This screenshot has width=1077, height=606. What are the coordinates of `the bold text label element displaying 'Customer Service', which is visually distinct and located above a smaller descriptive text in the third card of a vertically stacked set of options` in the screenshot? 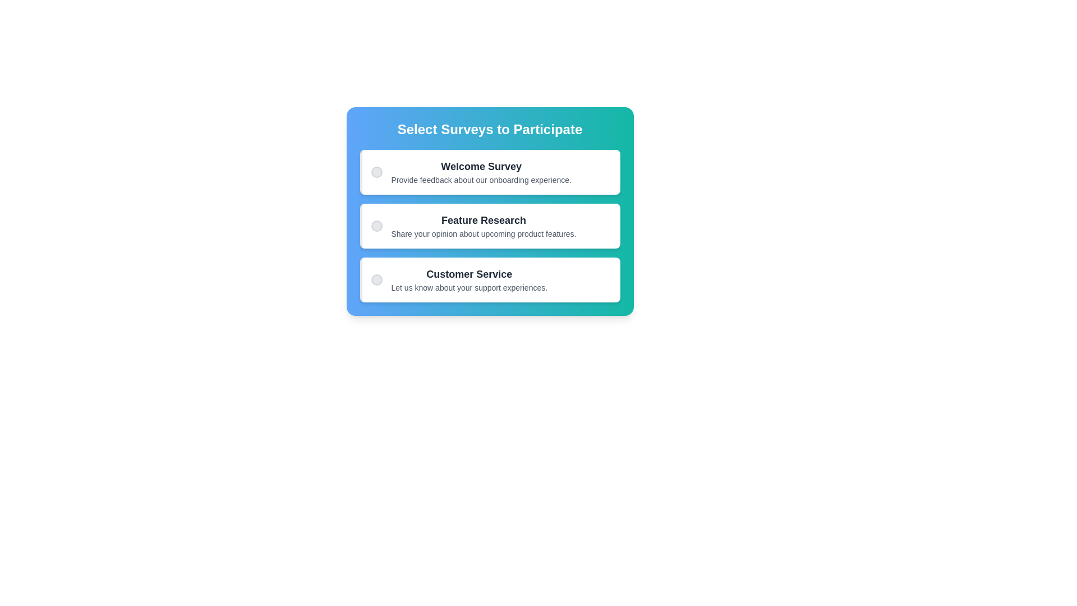 It's located at (469, 274).